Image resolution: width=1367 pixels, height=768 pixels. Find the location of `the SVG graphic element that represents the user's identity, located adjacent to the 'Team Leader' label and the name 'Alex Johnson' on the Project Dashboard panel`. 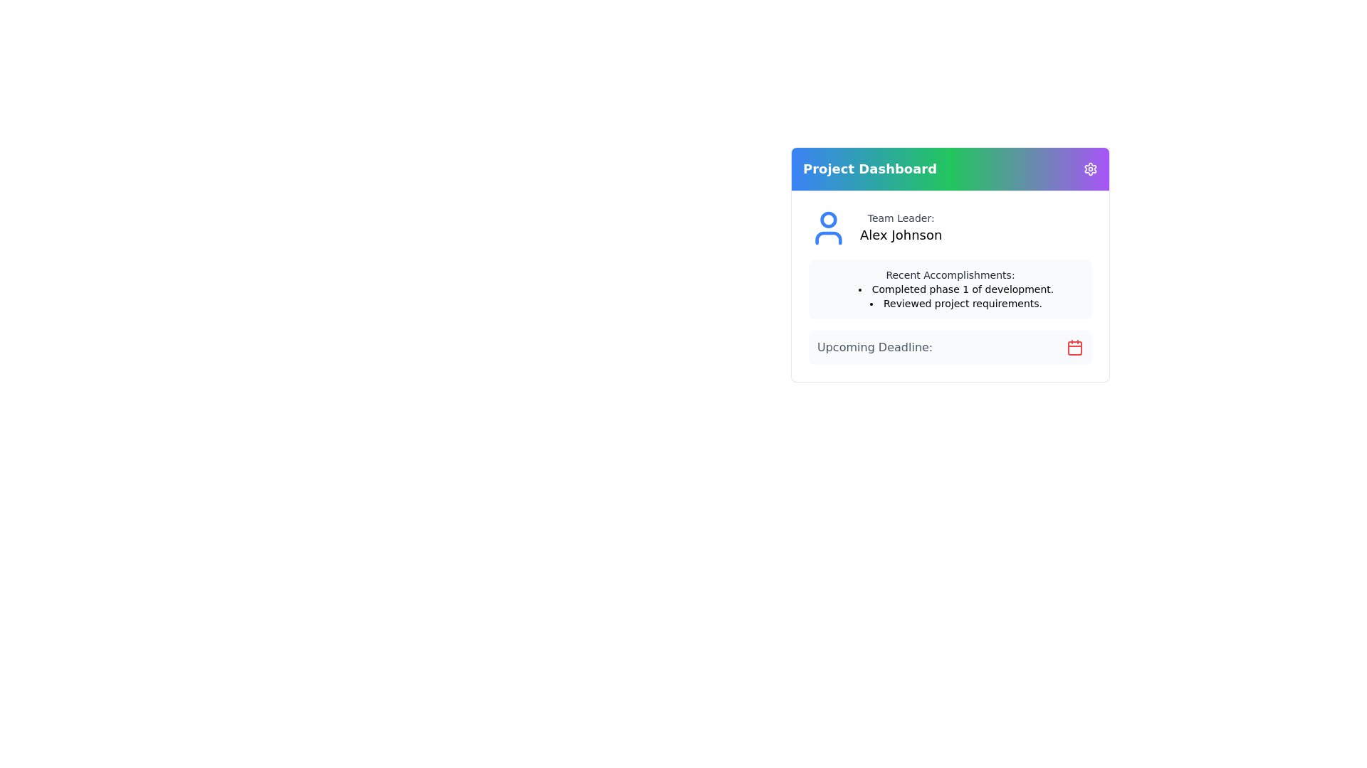

the SVG graphic element that represents the user's identity, located adjacent to the 'Team Leader' label and the name 'Alex Johnson' on the Project Dashboard panel is located at coordinates (828, 219).